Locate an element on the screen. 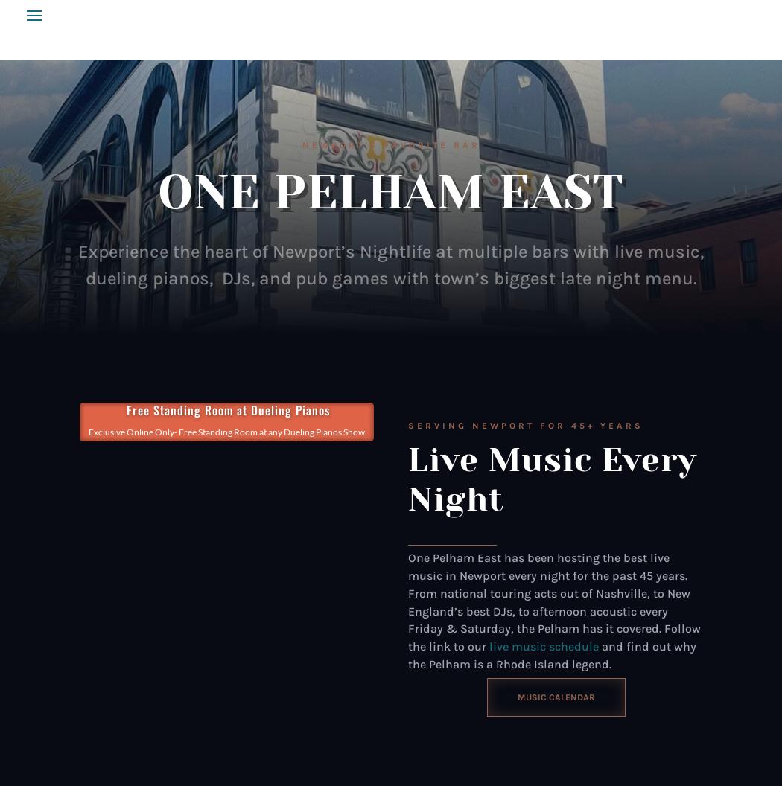 The image size is (782, 786). 'live music schedule' is located at coordinates (543, 645).